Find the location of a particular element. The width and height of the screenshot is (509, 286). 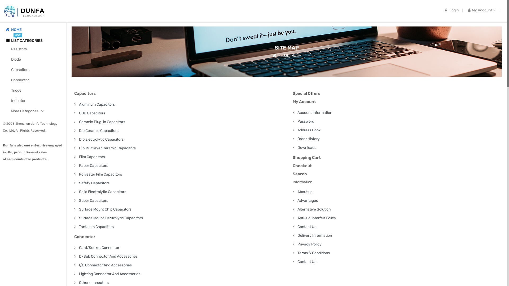

'CBB Capacitors' is located at coordinates (78, 113).